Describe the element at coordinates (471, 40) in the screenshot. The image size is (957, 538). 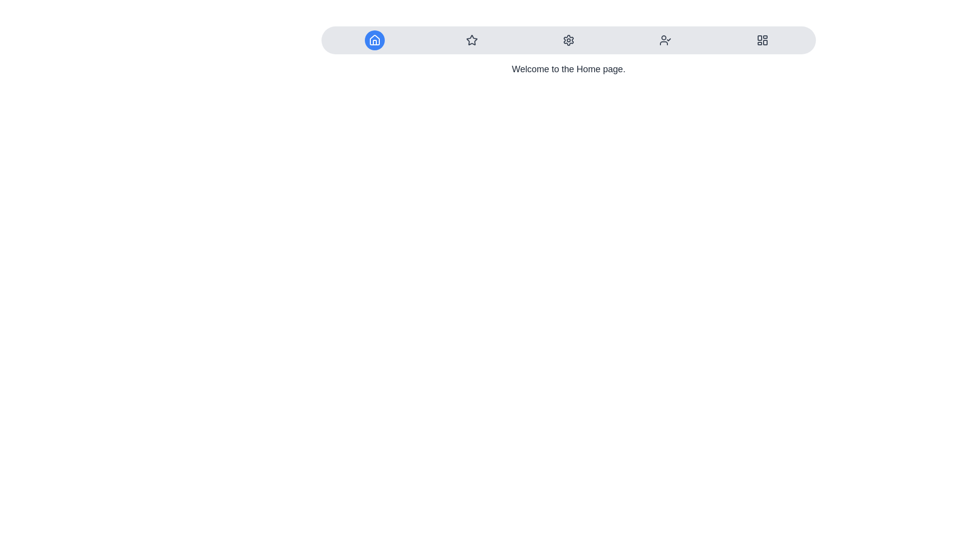
I see `the tab corresponding to Favorites` at that location.